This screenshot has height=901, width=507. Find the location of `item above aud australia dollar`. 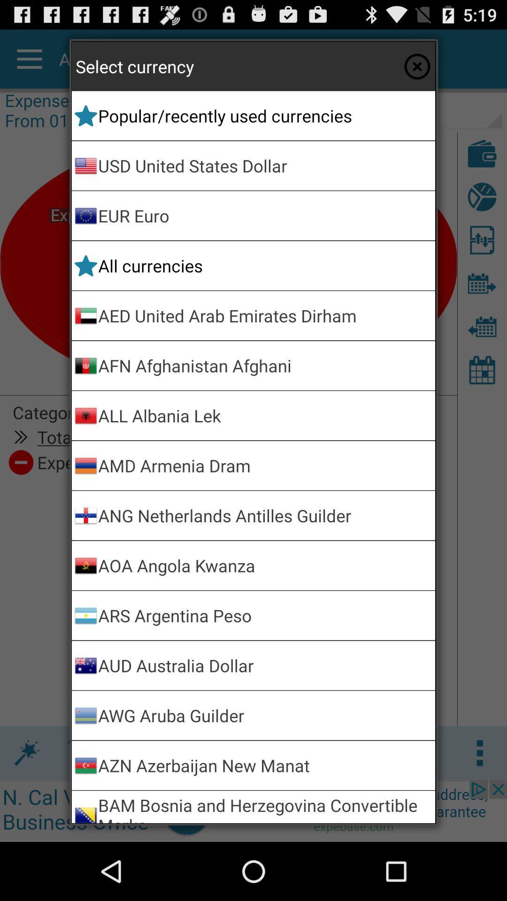

item above aud australia dollar is located at coordinates (265, 615).